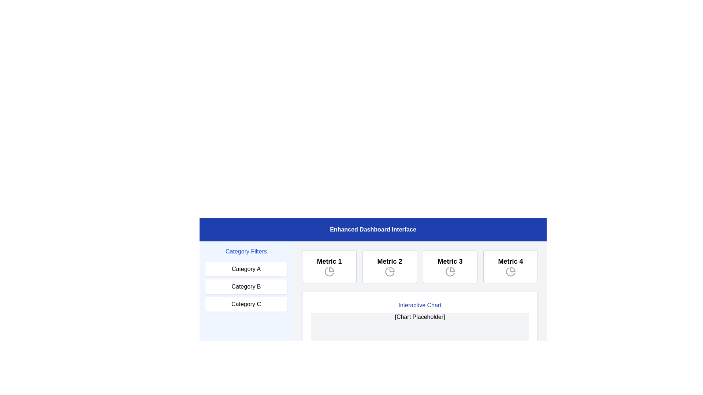 The image size is (703, 395). What do you see at coordinates (450, 261) in the screenshot?
I see `the text label displaying 'Metric 3' in bold font style, which is located in the third card of a row of four similar cards` at bounding box center [450, 261].